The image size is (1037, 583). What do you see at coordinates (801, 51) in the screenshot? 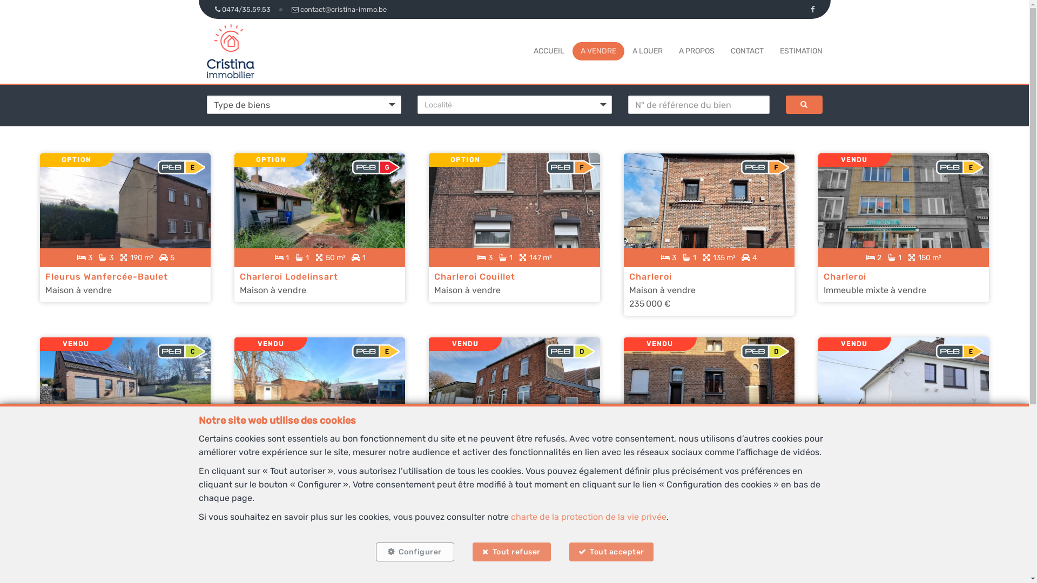
I see `'ESTIMATION'` at bounding box center [801, 51].